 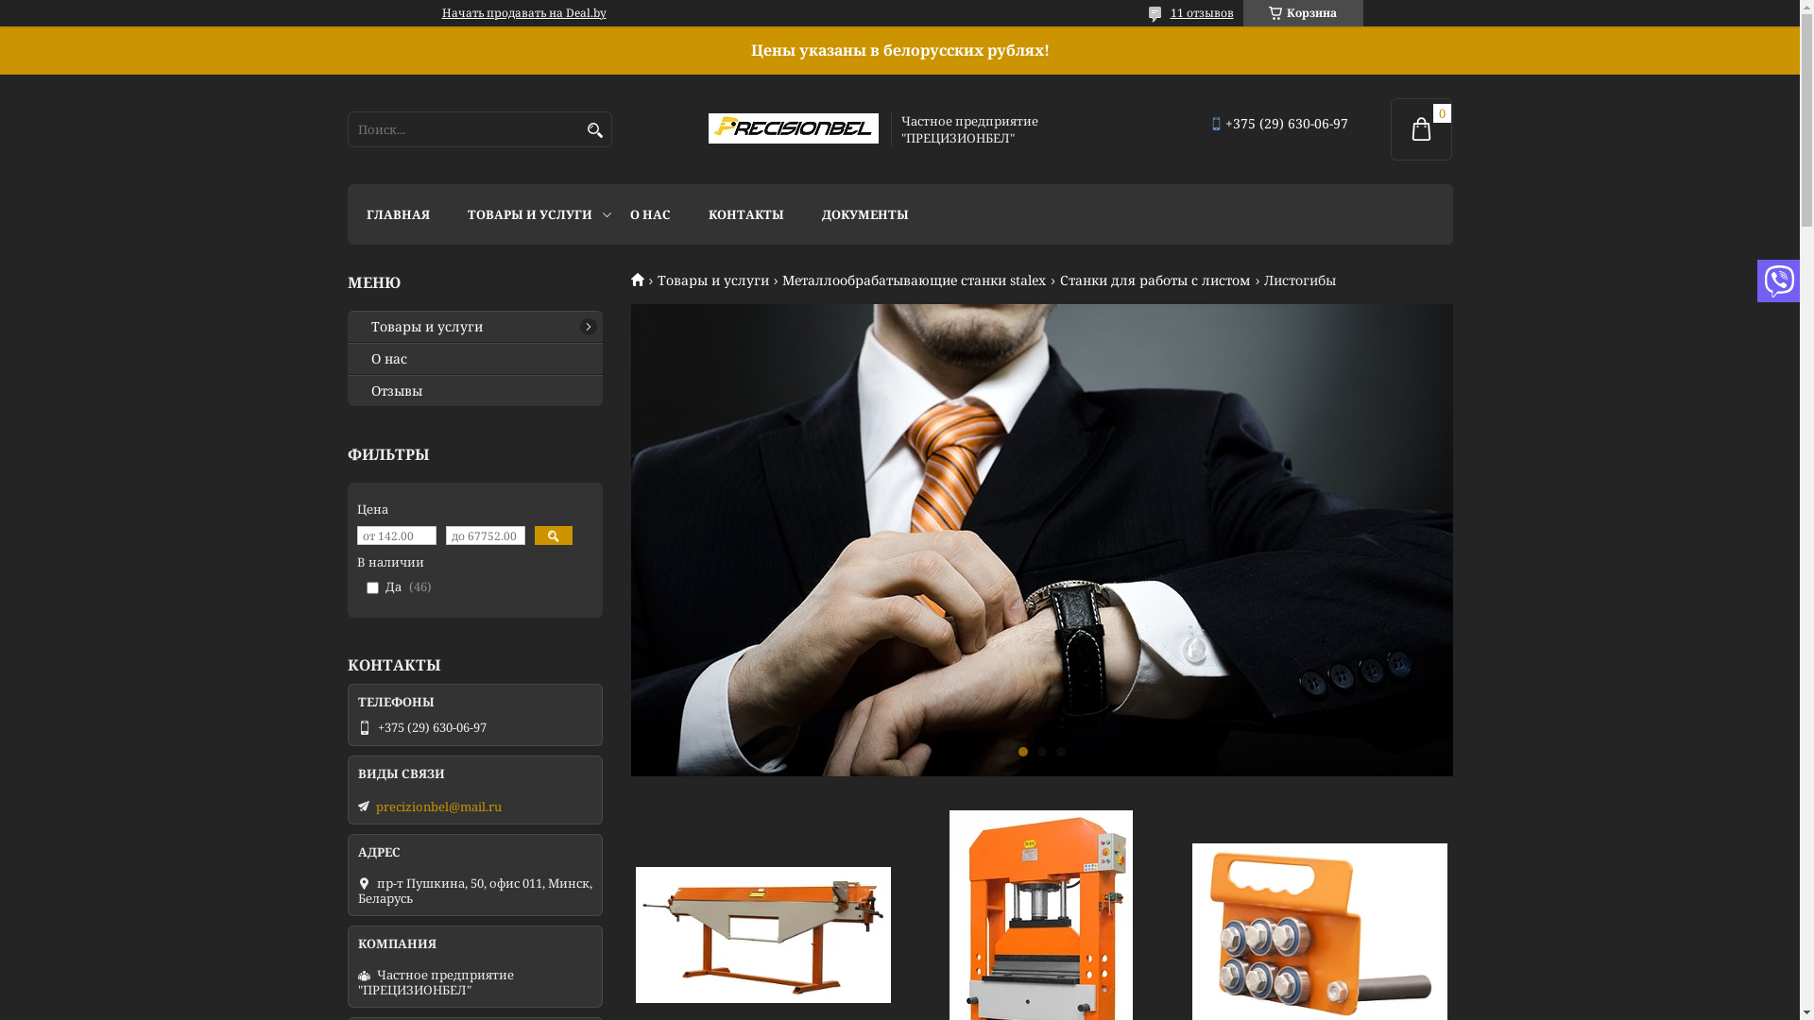 I want to click on 'precizionbel@mail.ru', so click(x=437, y=806).